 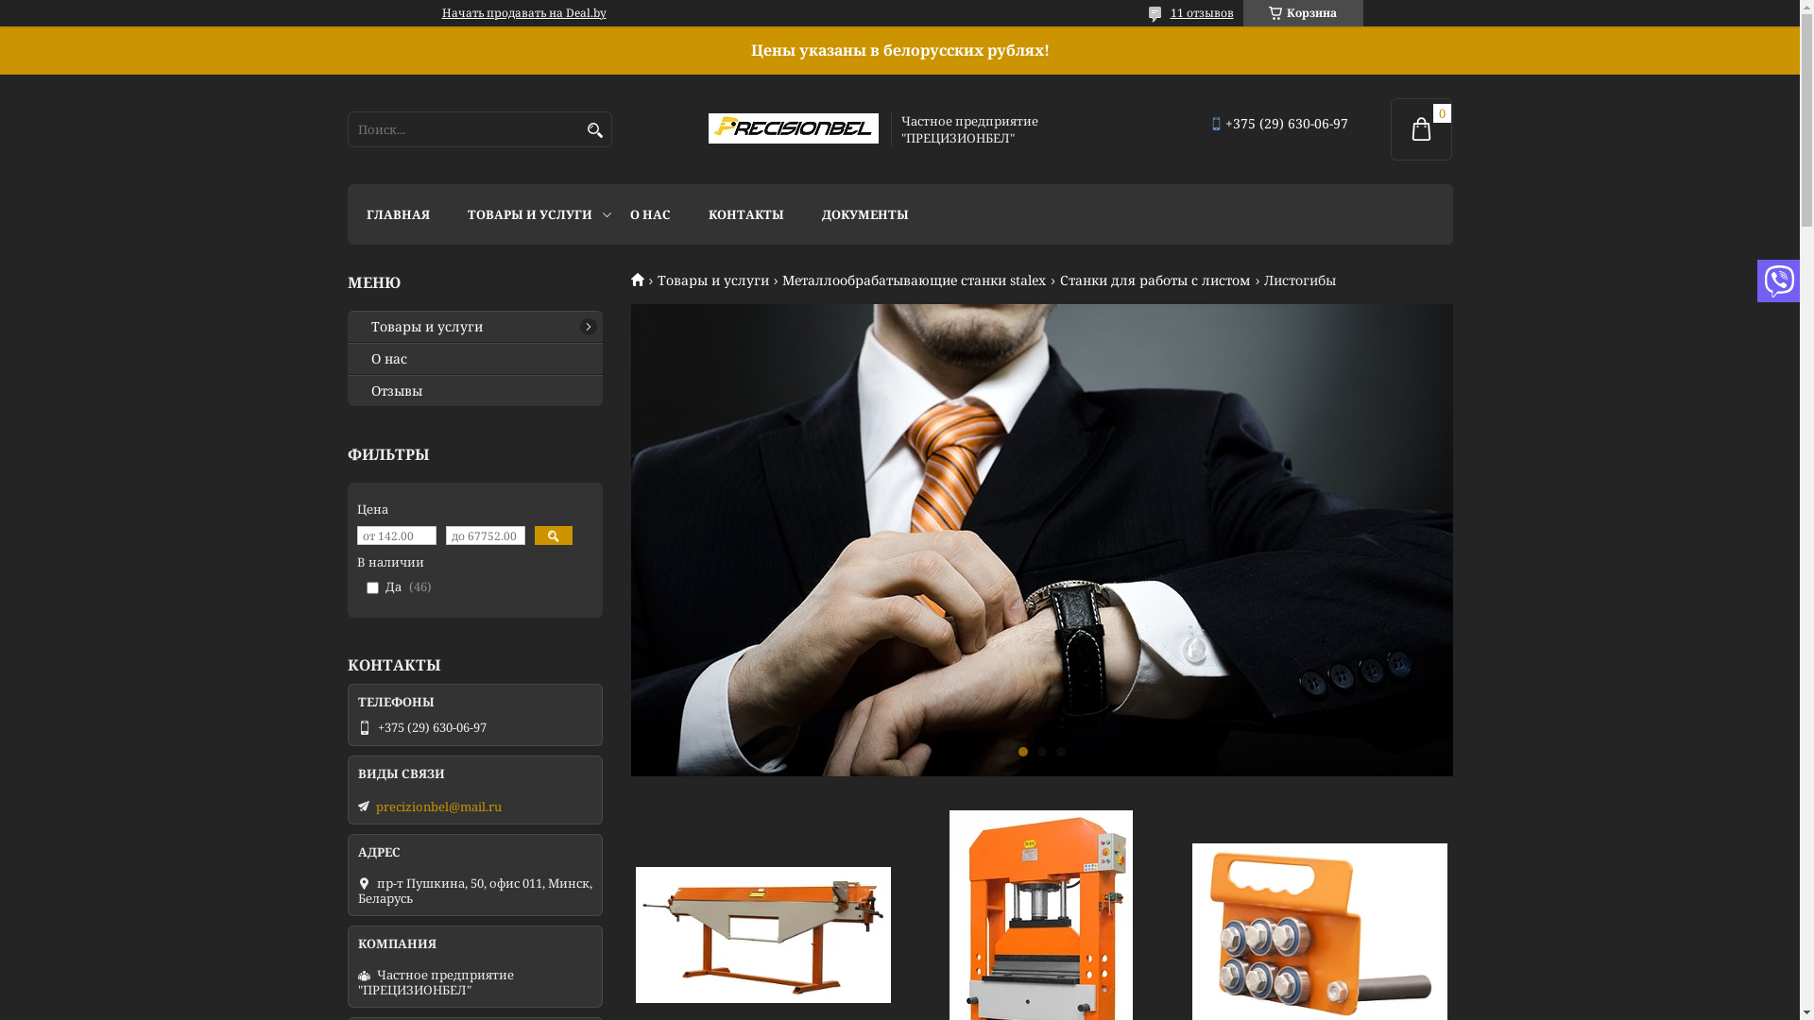 I want to click on 'precizionbel@mail.ru', so click(x=437, y=806).